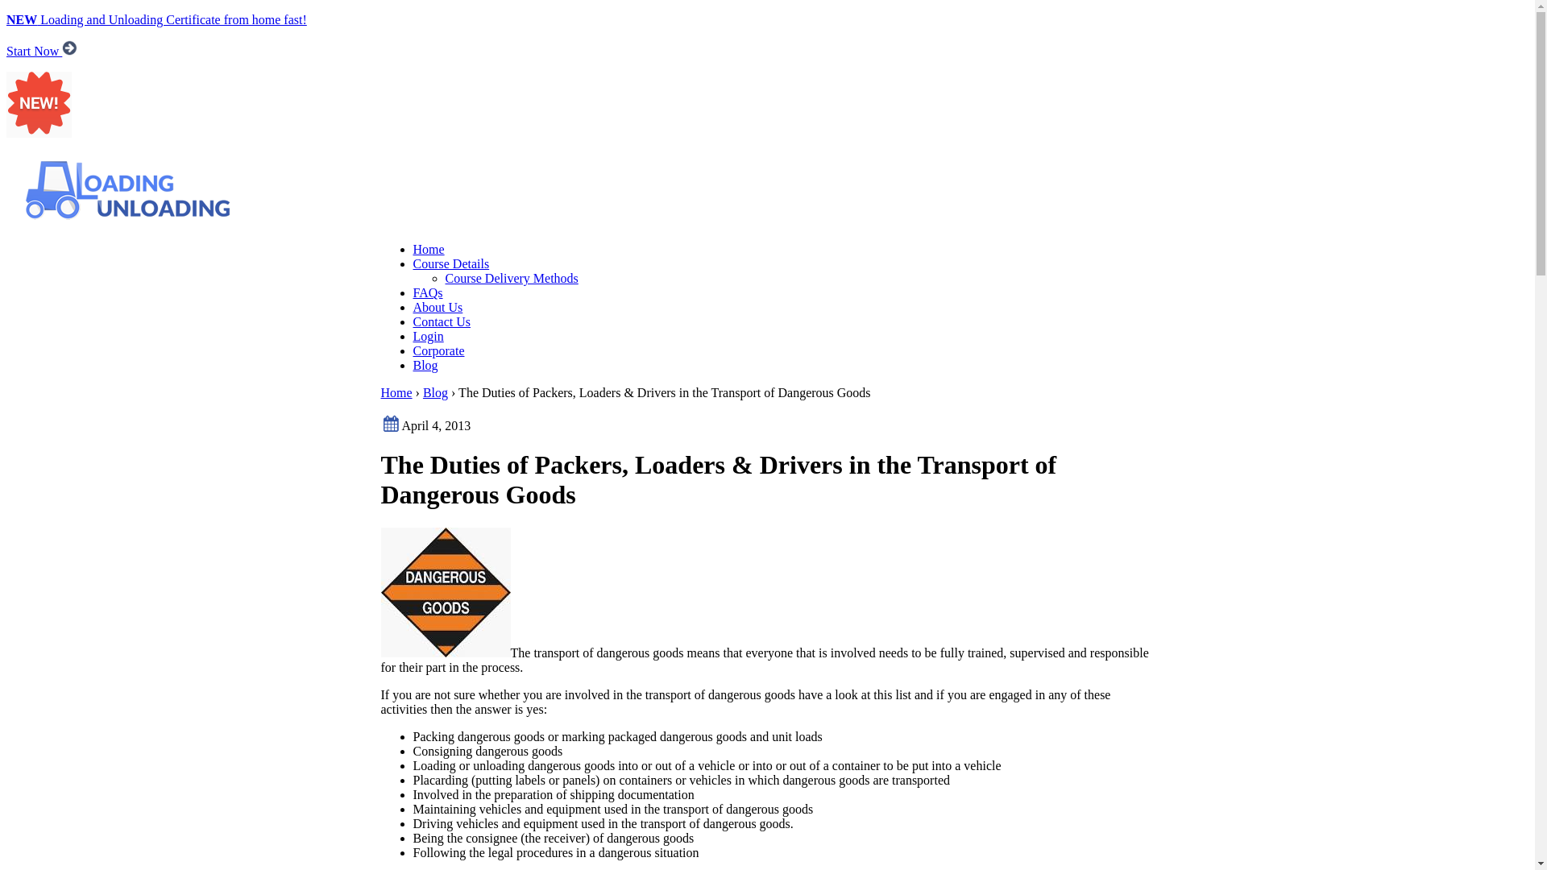 The width and height of the screenshot is (1547, 870). What do you see at coordinates (413, 249) in the screenshot?
I see `'Home'` at bounding box center [413, 249].